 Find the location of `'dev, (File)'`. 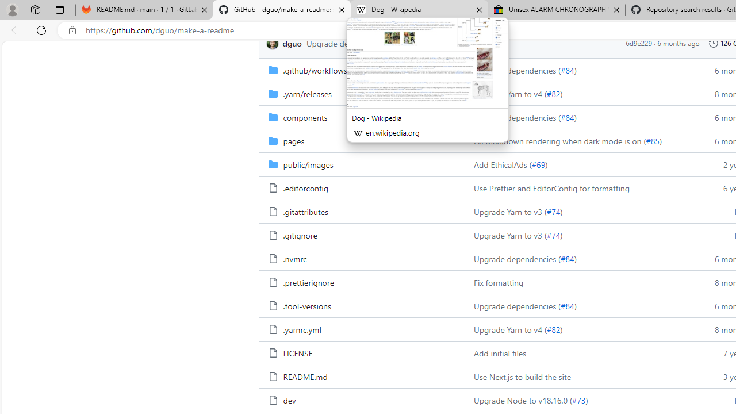

'dev, (File)' is located at coordinates (289, 400).